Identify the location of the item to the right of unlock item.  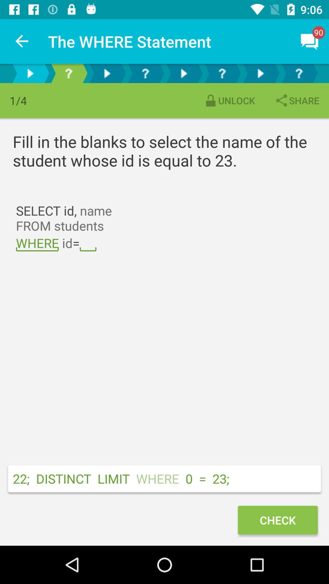
(296, 100).